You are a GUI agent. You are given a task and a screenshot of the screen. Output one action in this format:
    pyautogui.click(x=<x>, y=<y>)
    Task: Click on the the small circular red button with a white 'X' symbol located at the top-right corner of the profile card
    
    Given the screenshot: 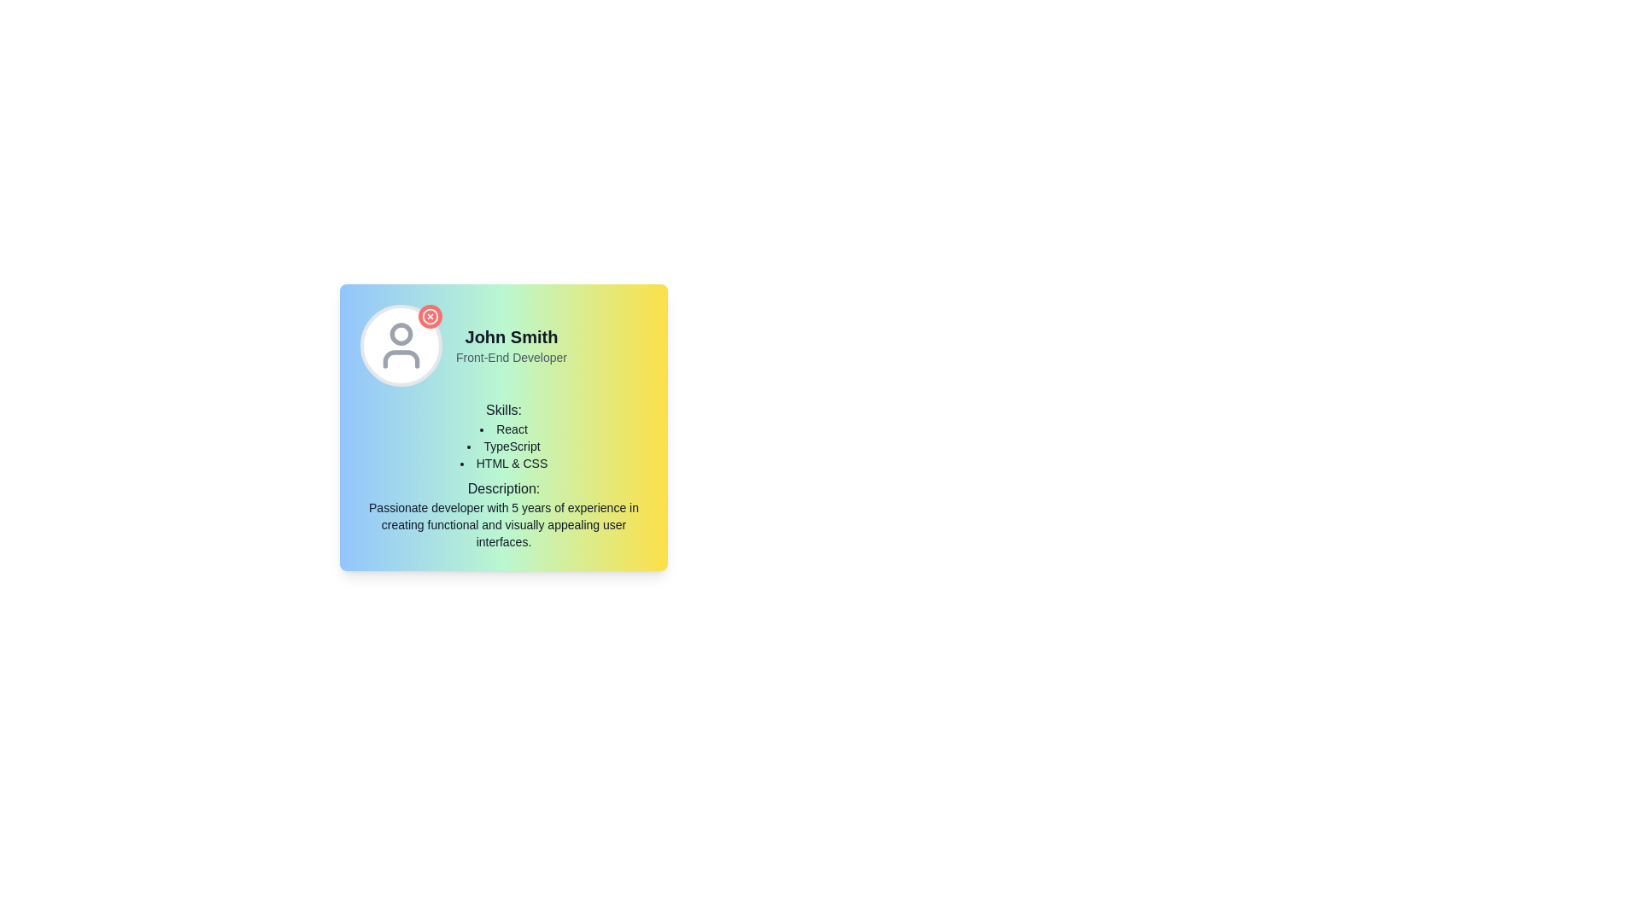 What is the action you would take?
    pyautogui.click(x=430, y=316)
    